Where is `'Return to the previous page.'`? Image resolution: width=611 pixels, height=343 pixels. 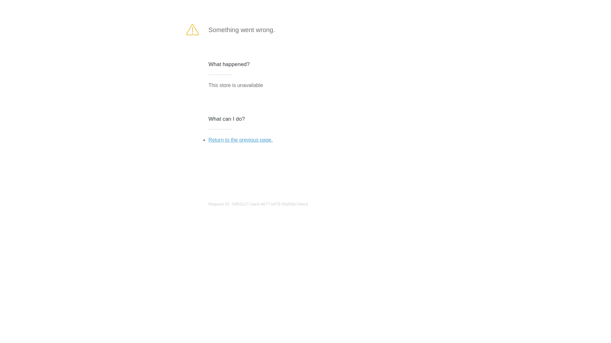 'Return to the previous page.' is located at coordinates (240, 139).